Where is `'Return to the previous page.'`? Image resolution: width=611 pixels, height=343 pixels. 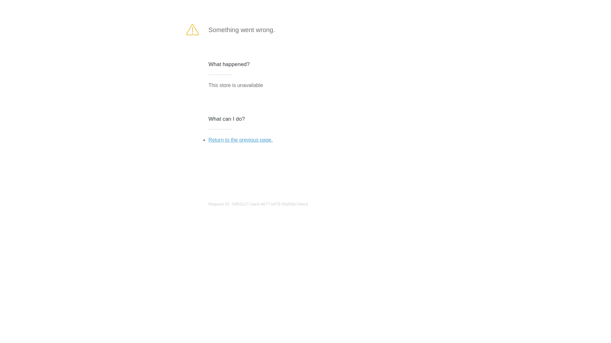 'Return to the previous page.' is located at coordinates (240, 139).